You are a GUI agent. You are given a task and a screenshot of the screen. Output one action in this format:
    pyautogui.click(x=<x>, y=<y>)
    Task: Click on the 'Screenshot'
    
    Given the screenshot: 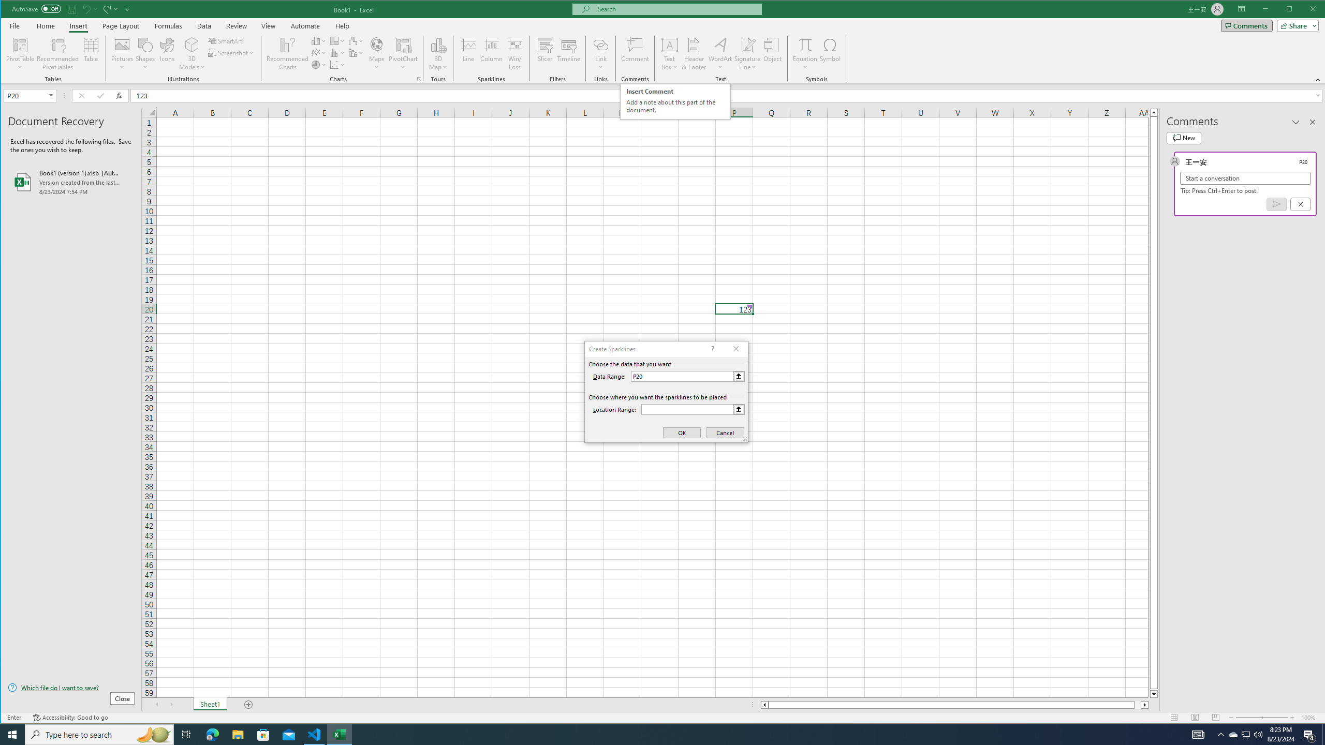 What is the action you would take?
    pyautogui.click(x=232, y=53)
    